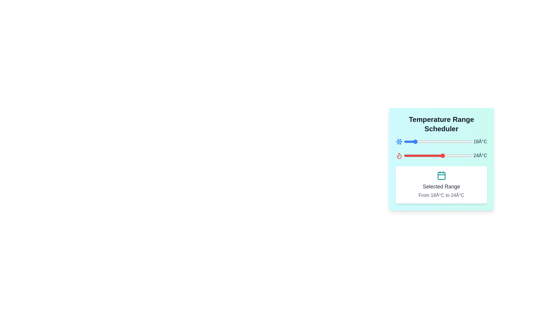 This screenshot has width=560, height=315. I want to click on the temperature, so click(408, 155).